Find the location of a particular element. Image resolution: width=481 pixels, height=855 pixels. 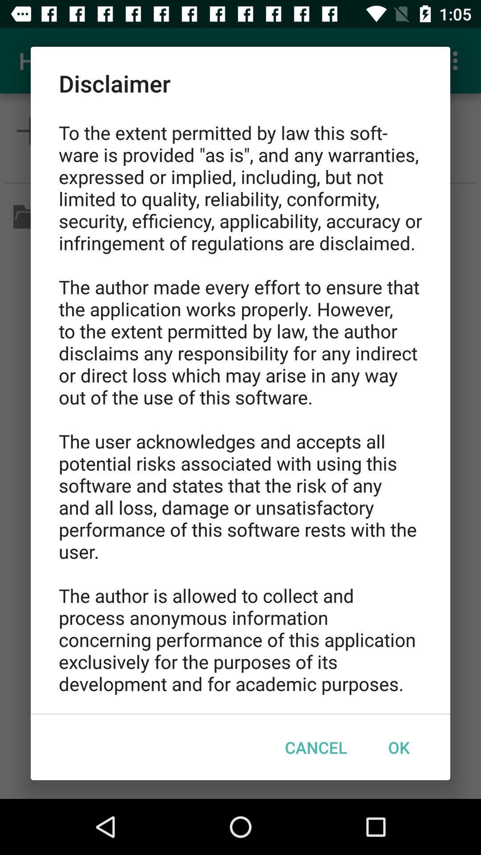

ok icon is located at coordinates (398, 747).